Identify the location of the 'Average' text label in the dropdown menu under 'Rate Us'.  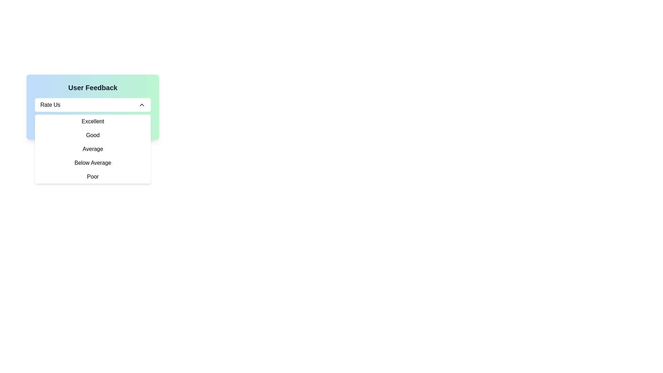
(92, 149).